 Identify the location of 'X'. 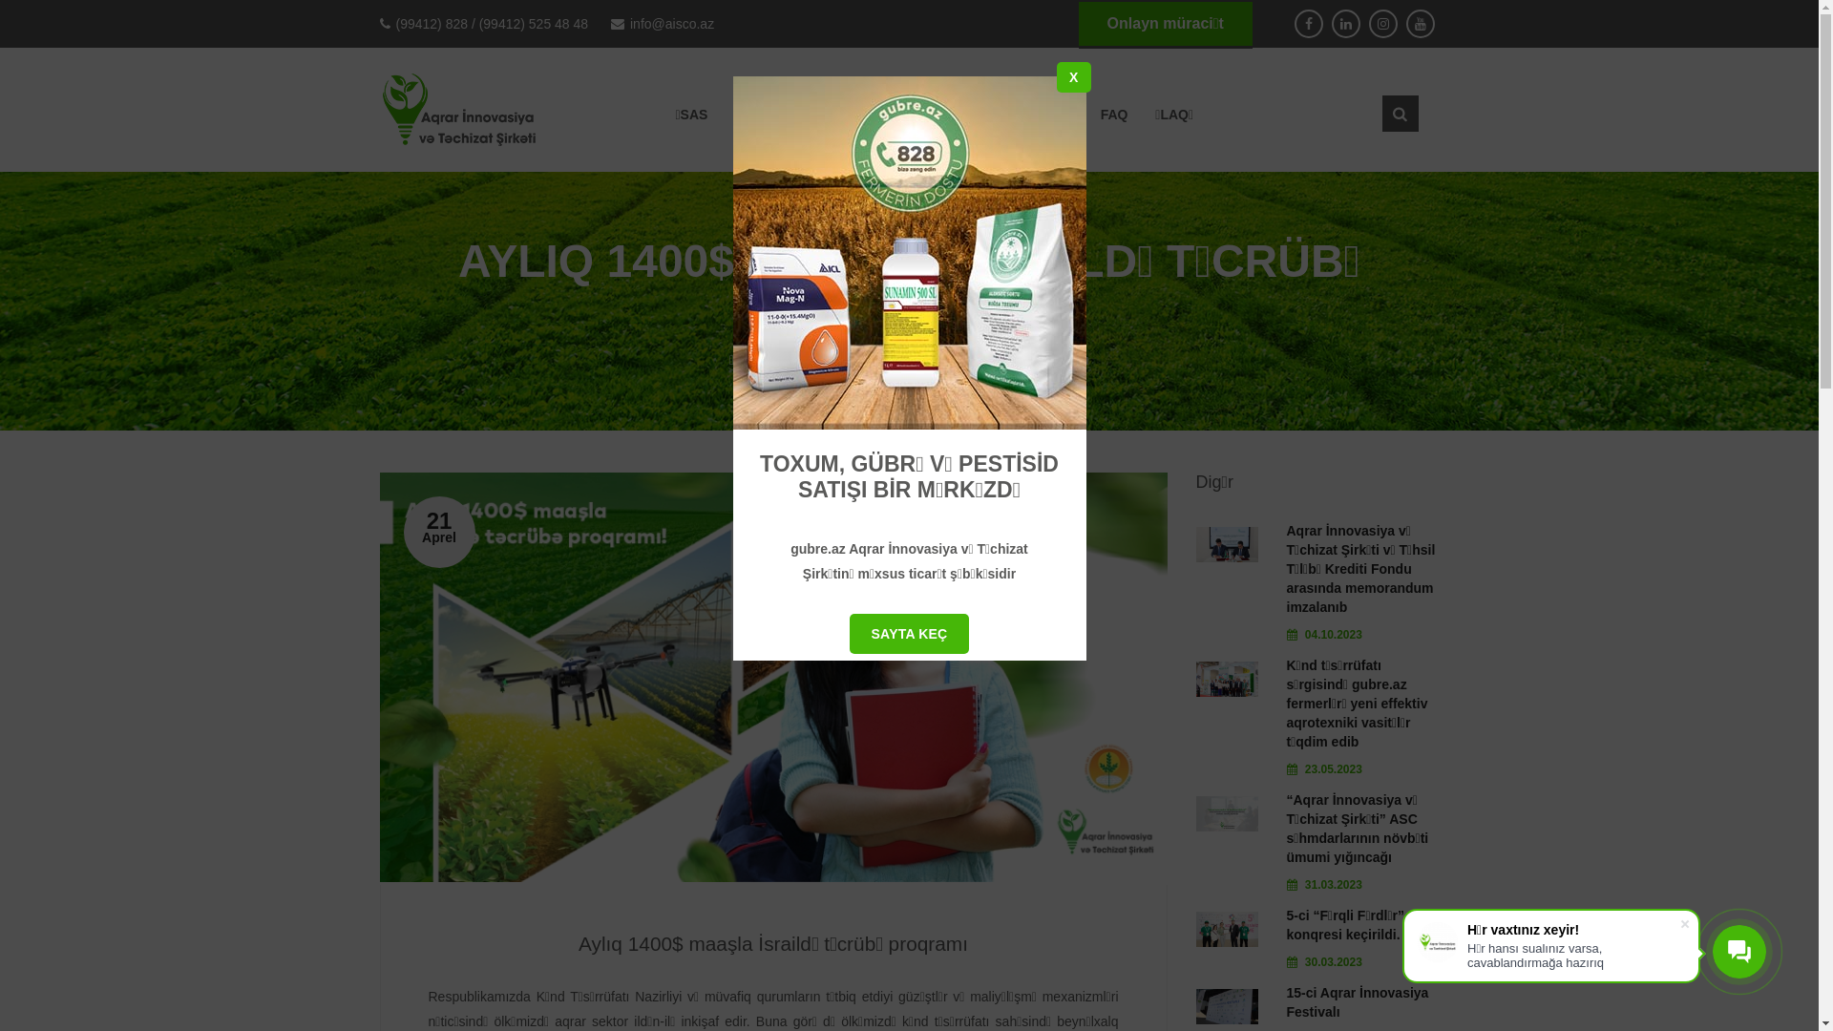
(1073, 76).